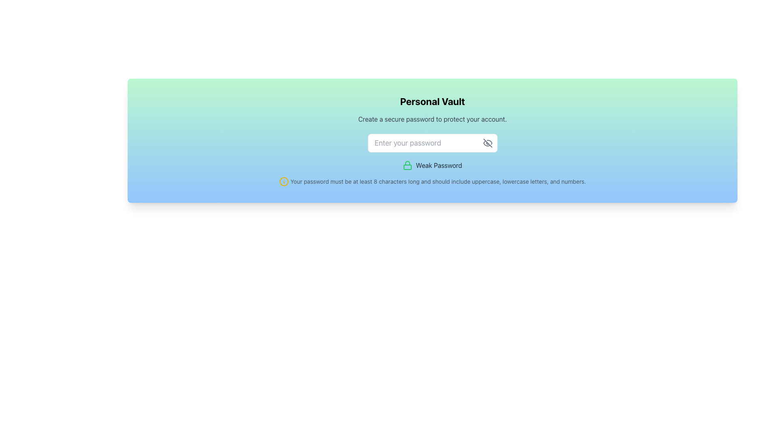  I want to click on the informational icon located near the guidance text about password requirements, which is positioned before the text stating 'Your password must be at least 8 characters long and should include uppercase, lowercase letters, and numbers.', so click(284, 181).